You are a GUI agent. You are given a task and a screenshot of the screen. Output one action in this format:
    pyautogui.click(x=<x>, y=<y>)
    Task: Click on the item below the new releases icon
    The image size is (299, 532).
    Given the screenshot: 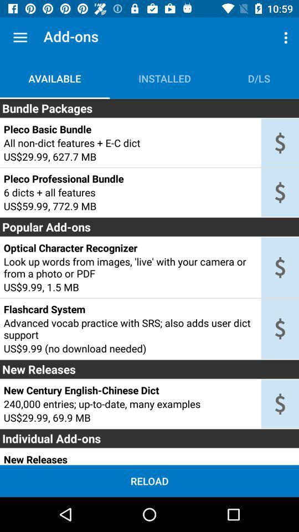 What is the action you would take?
    pyautogui.click(x=130, y=390)
    